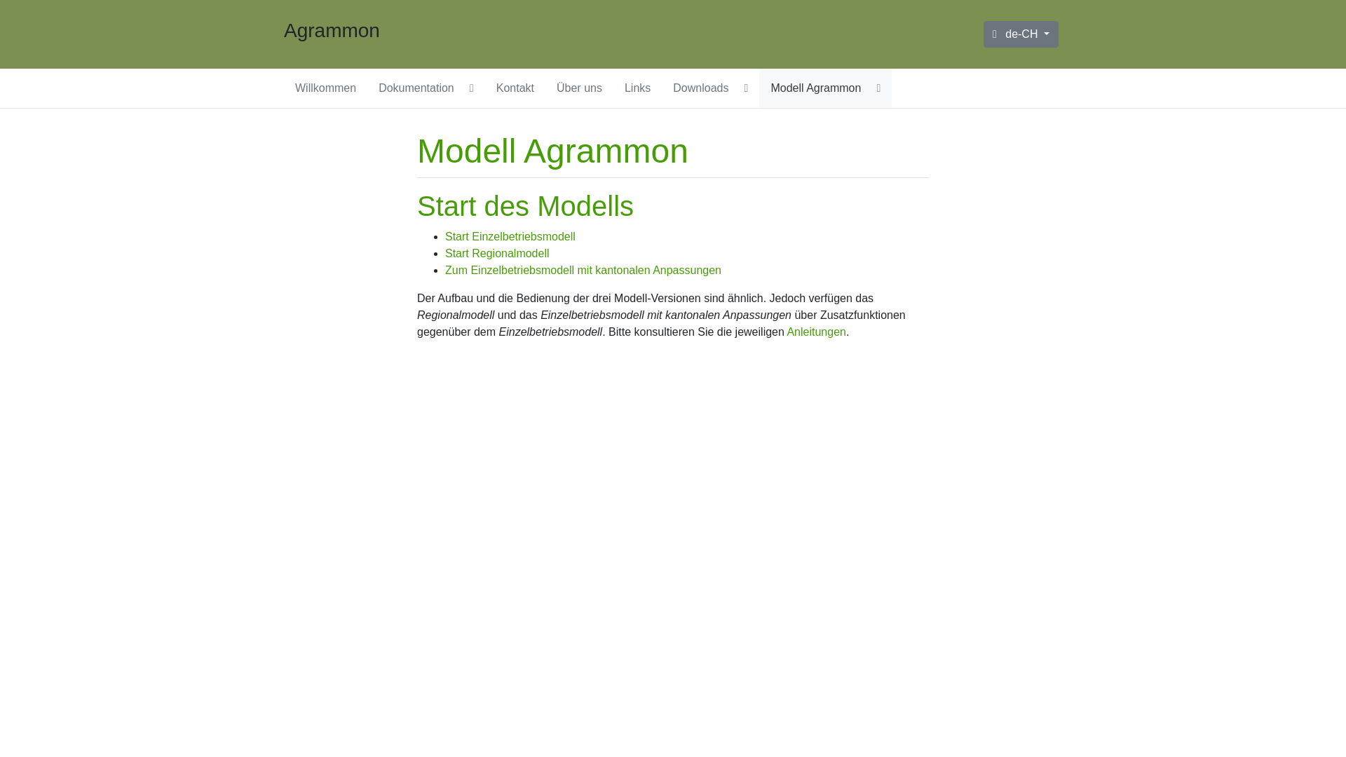  Describe the element at coordinates (283, 88) in the screenshot. I see `'Willkommen'` at that location.